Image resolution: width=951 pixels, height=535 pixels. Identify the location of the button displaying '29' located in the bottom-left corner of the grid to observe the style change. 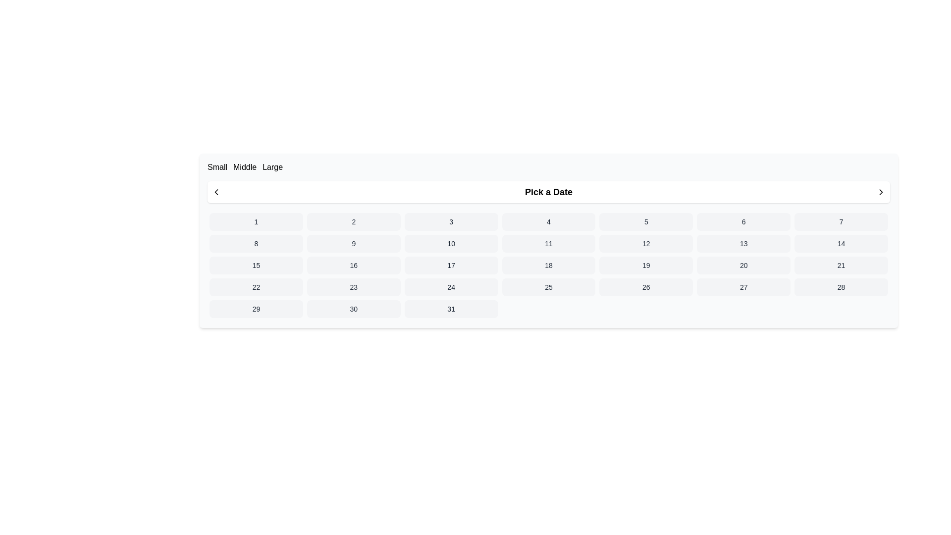
(256, 309).